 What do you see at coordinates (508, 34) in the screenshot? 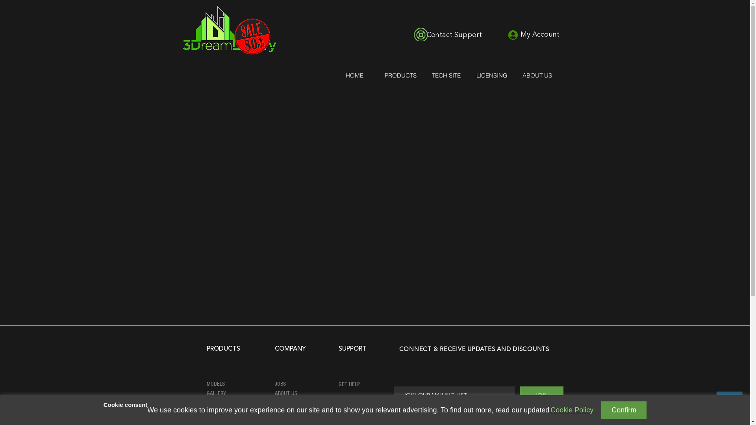
I see `'My Account'` at bounding box center [508, 34].